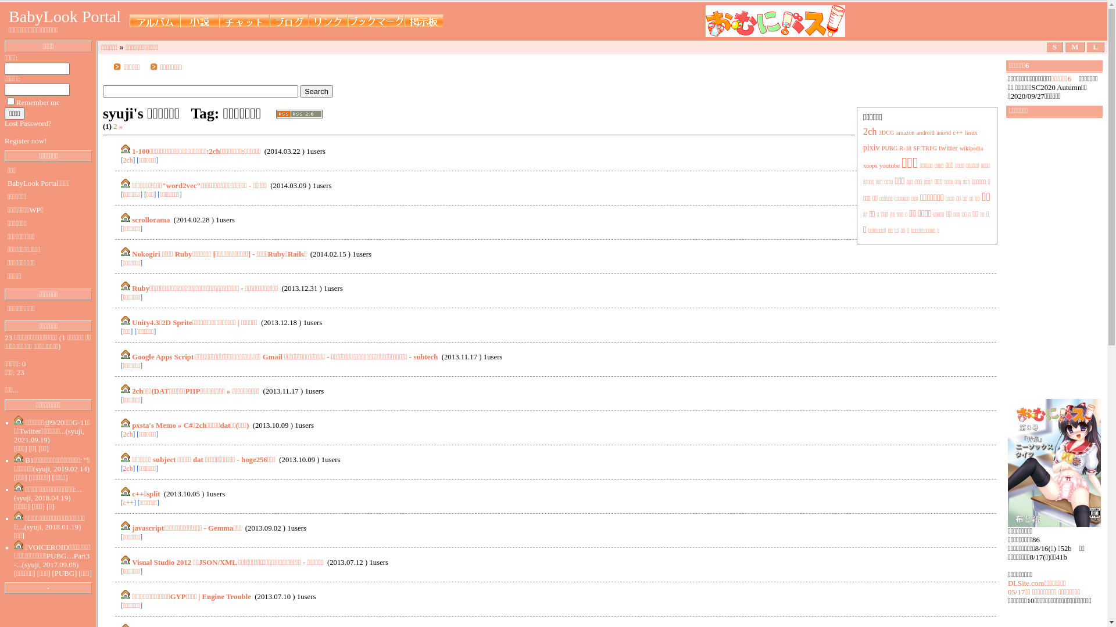 This screenshot has width=1116, height=627. Describe the element at coordinates (316, 91) in the screenshot. I see `'Search'` at that location.